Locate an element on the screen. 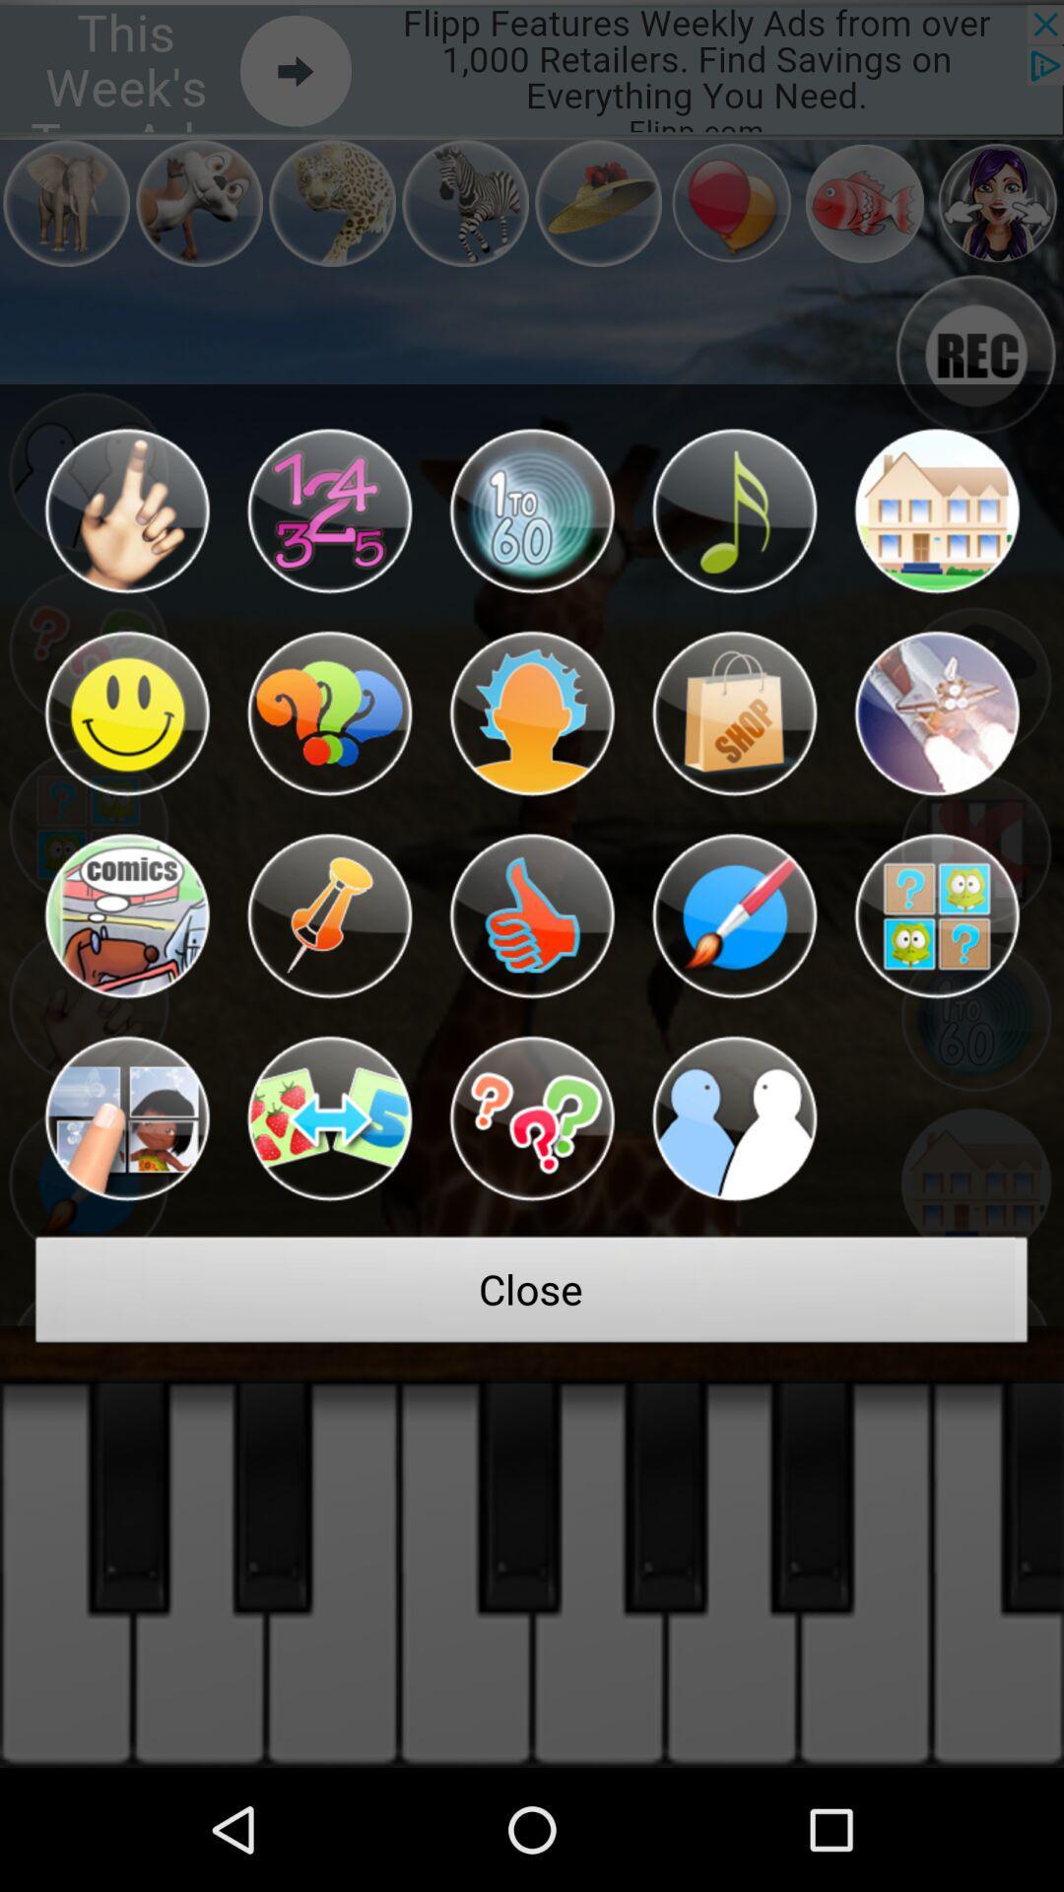  the shop icon is located at coordinates (734, 763).